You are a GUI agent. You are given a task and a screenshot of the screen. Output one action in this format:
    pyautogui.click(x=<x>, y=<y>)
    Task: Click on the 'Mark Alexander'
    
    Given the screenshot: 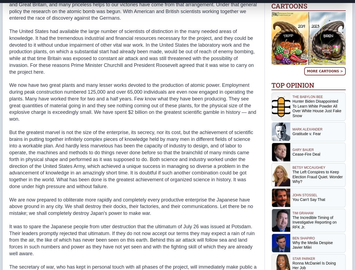 What is the action you would take?
    pyautogui.click(x=307, y=129)
    